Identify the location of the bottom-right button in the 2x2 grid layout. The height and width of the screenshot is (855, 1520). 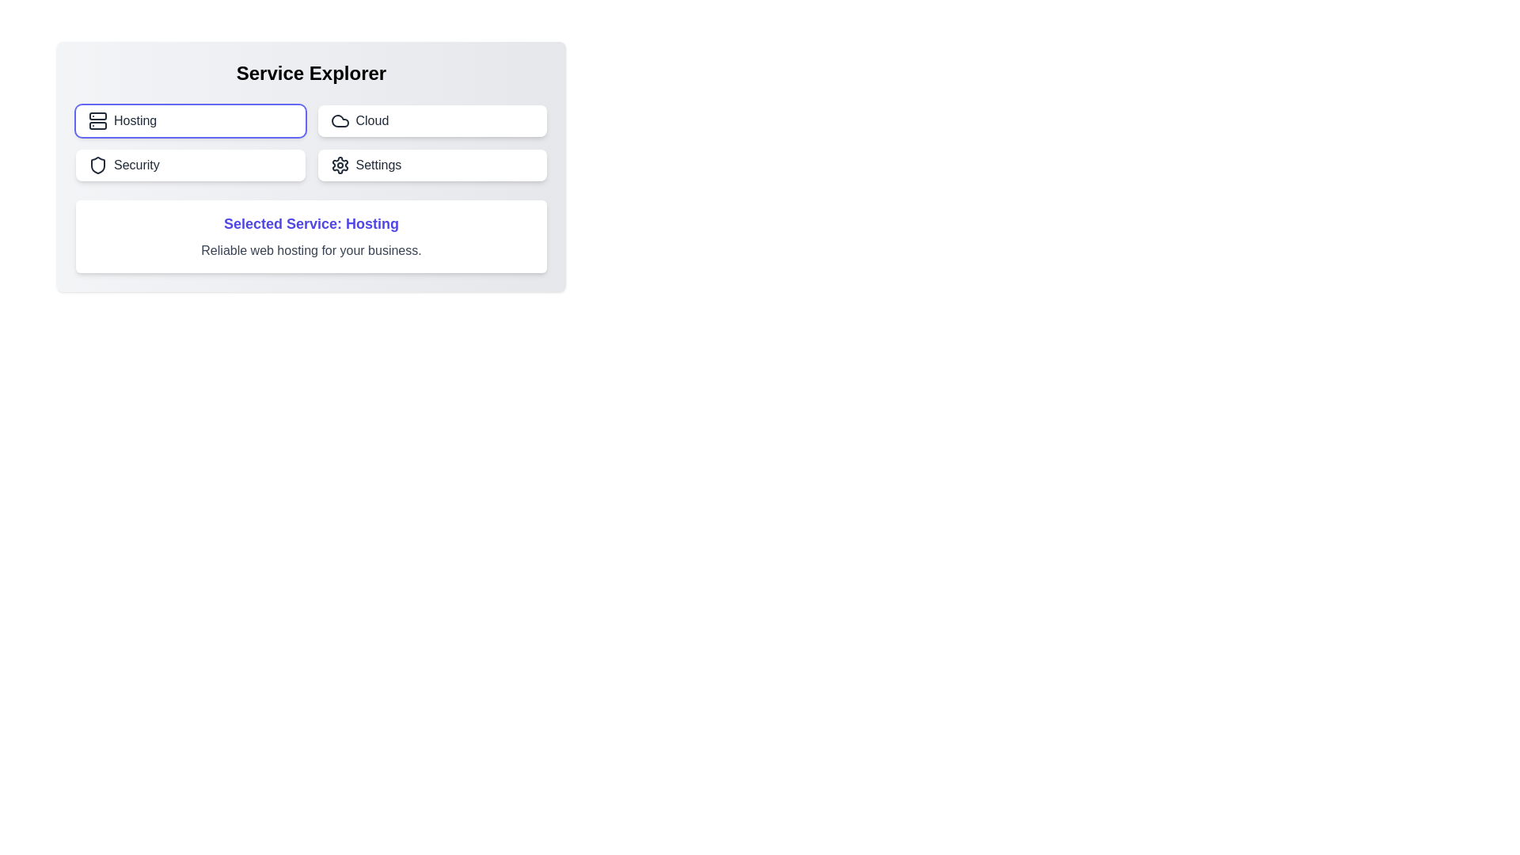
(432, 165).